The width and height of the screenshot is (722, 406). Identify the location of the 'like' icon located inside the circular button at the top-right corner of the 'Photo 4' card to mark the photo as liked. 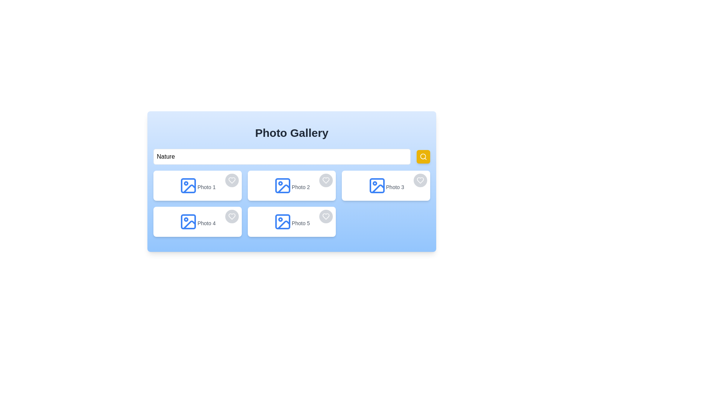
(231, 216).